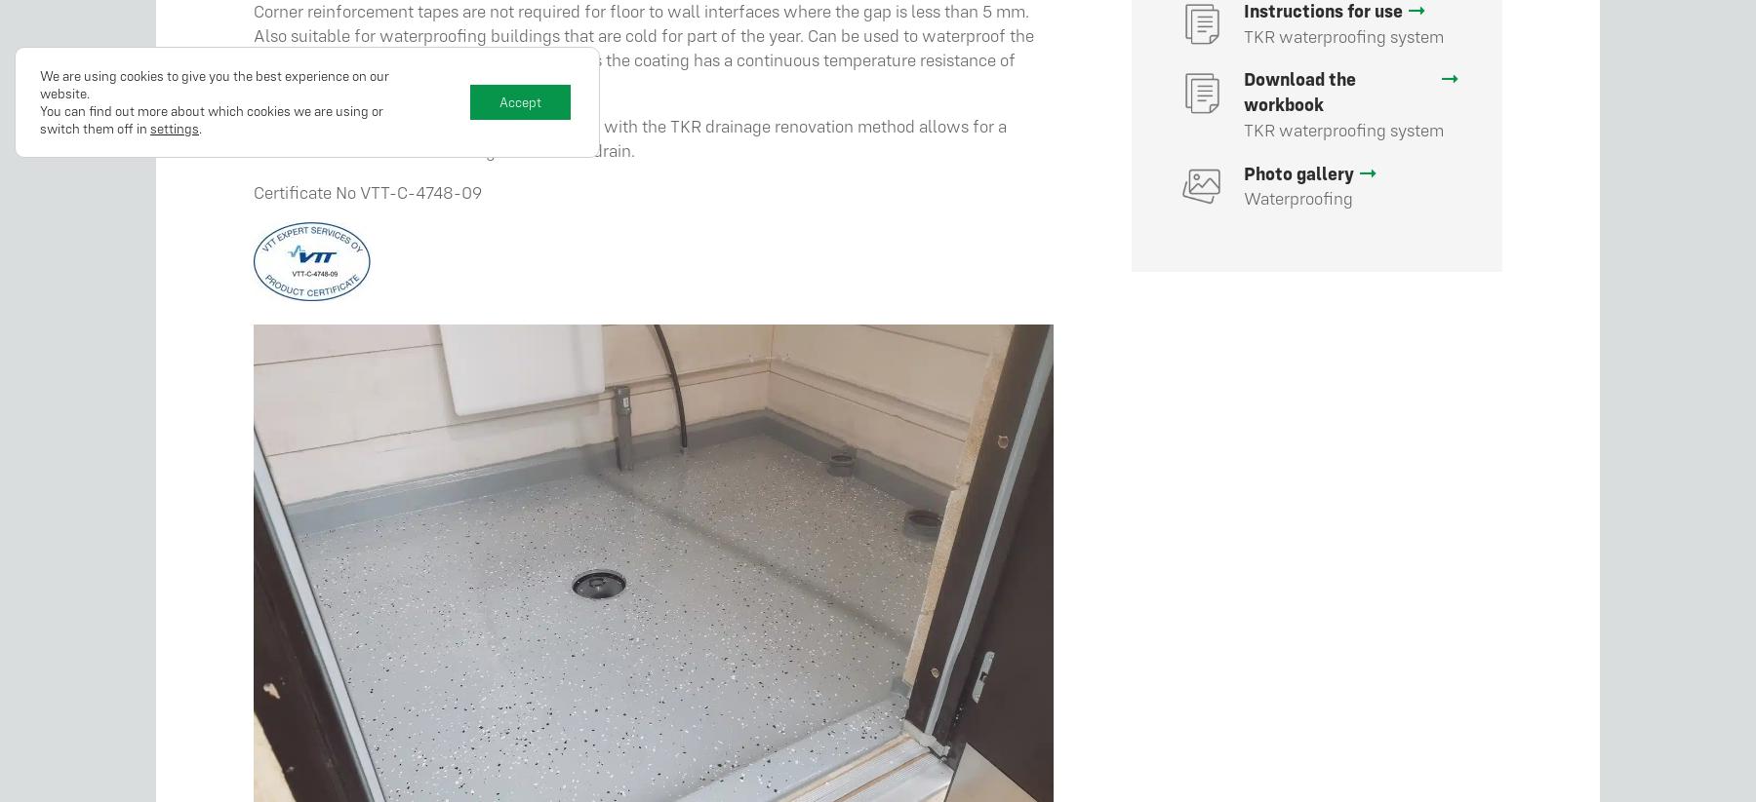 The image size is (1756, 802). I want to click on 'Waterproofing', so click(1297, 198).